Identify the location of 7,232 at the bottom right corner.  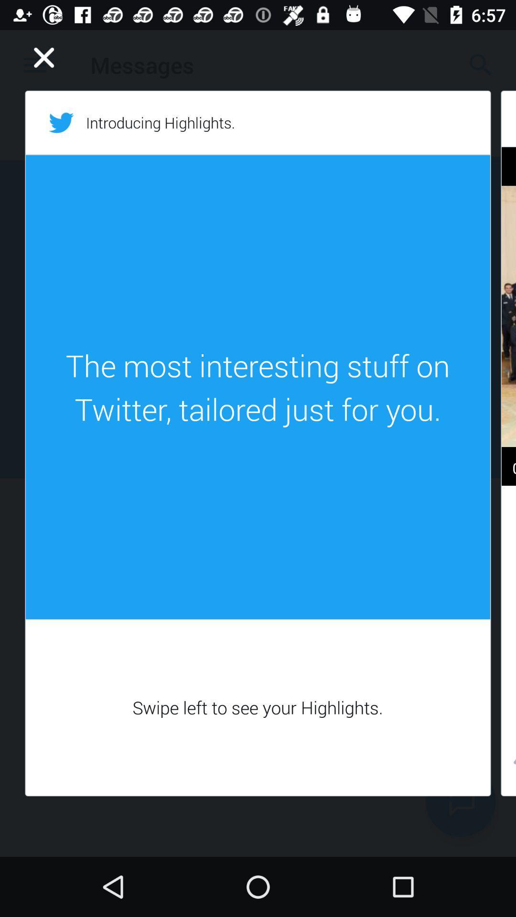
(508, 764).